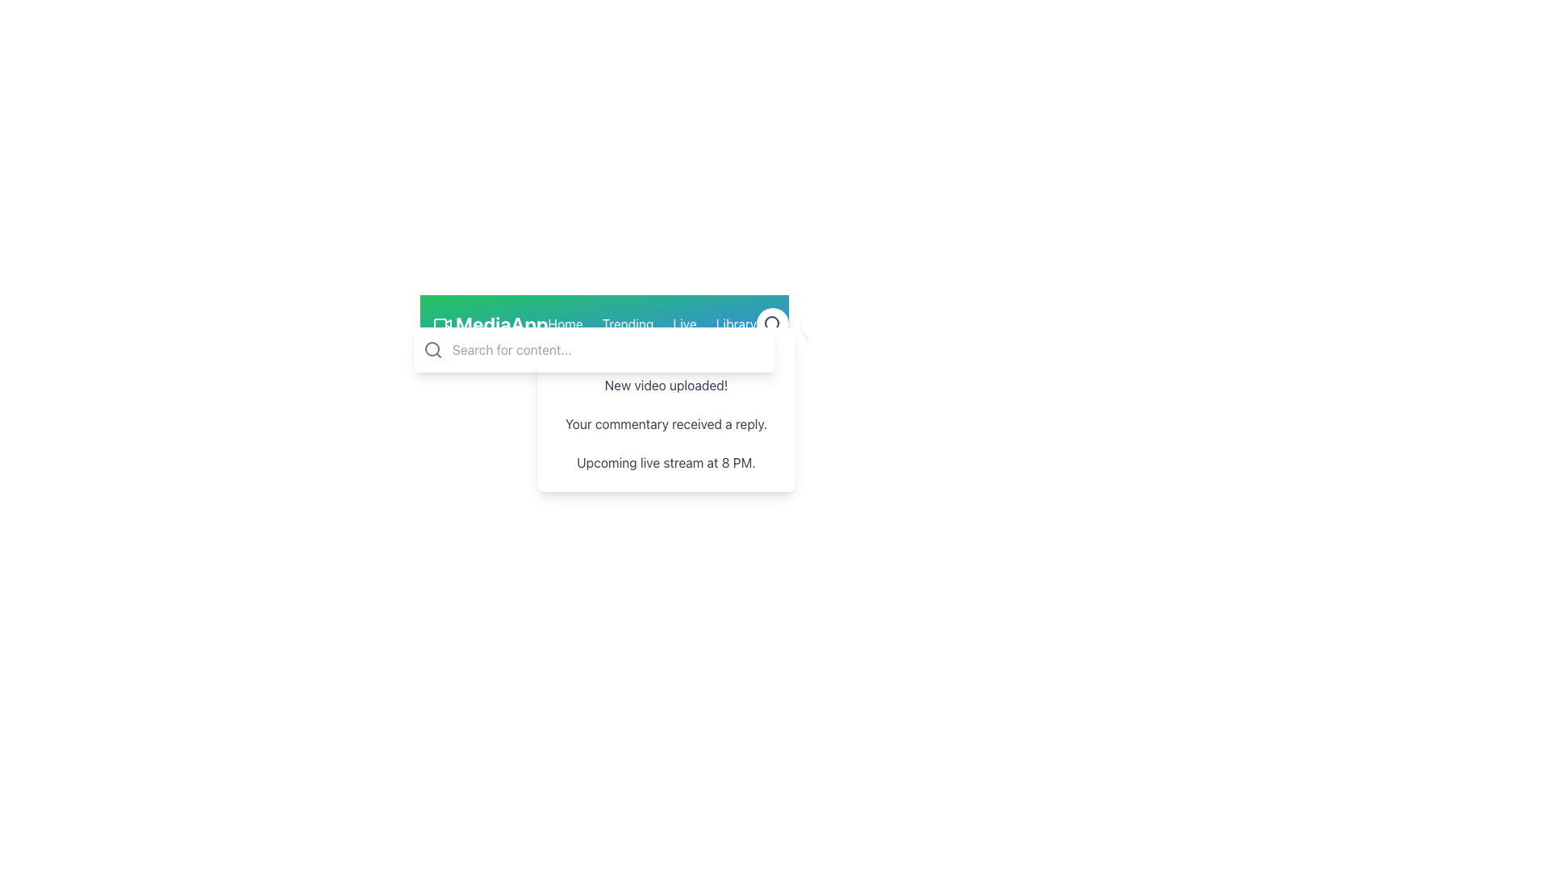  I want to click on the search icon represented by a magnifying glass located at the top-right of the search bar overlaying the notifications panel, so click(771, 323).